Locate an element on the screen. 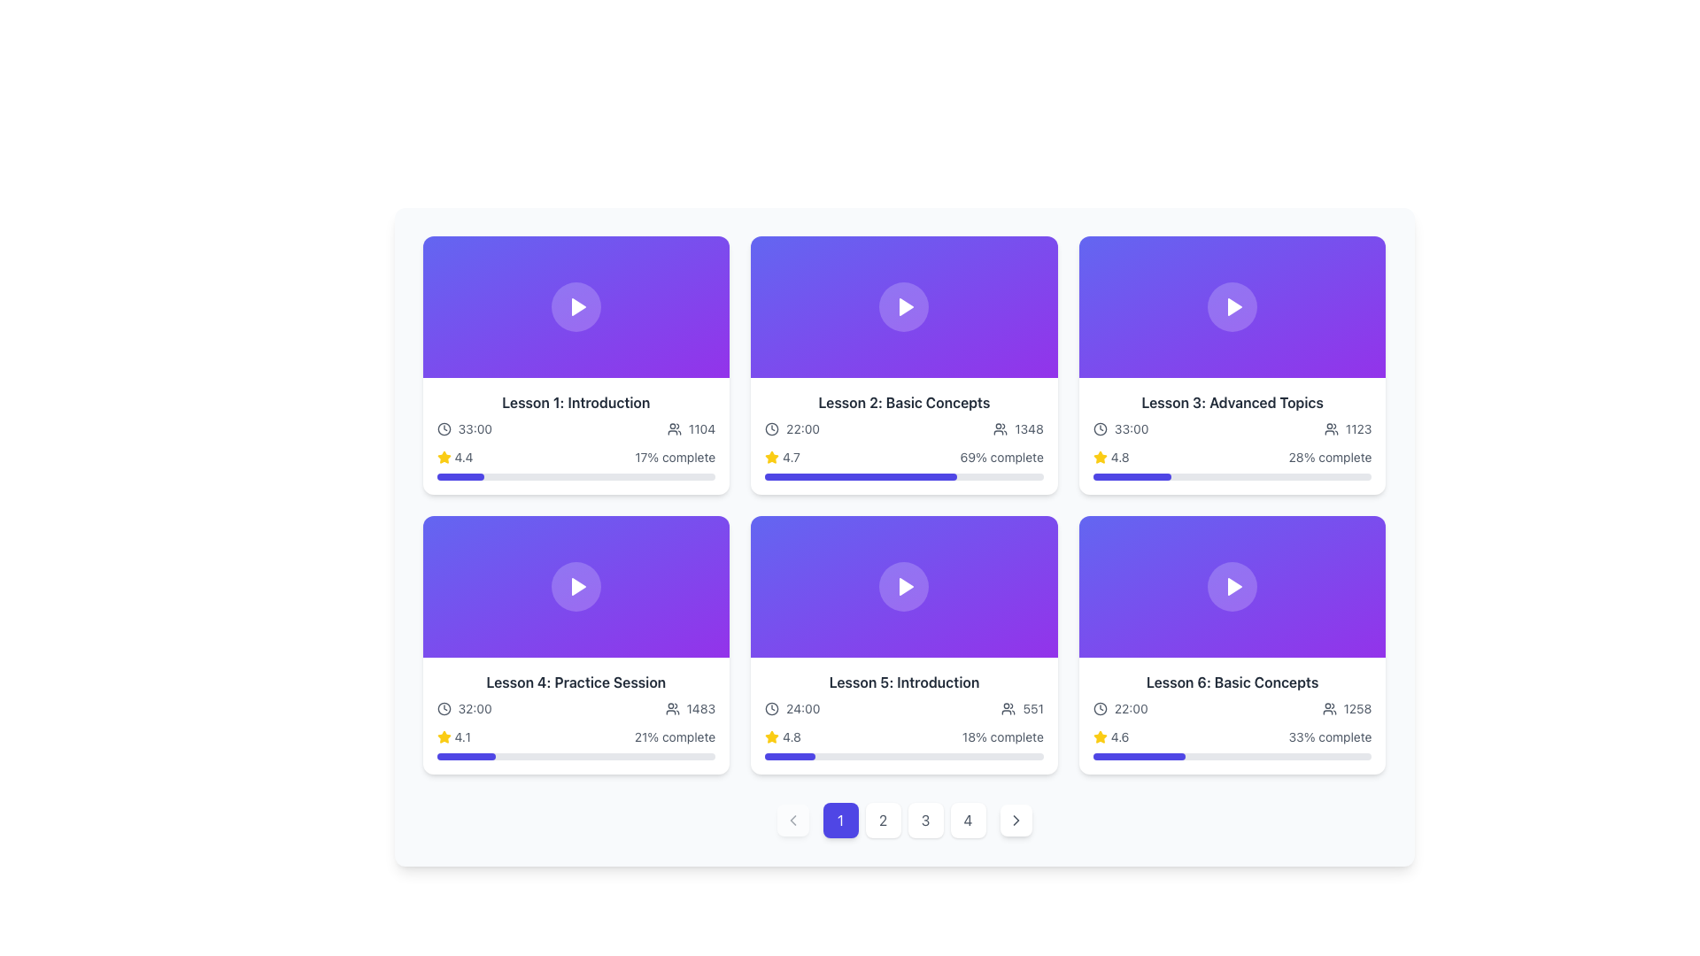  the educational lesson module card located in the first row, third position is located at coordinates (1232, 364).